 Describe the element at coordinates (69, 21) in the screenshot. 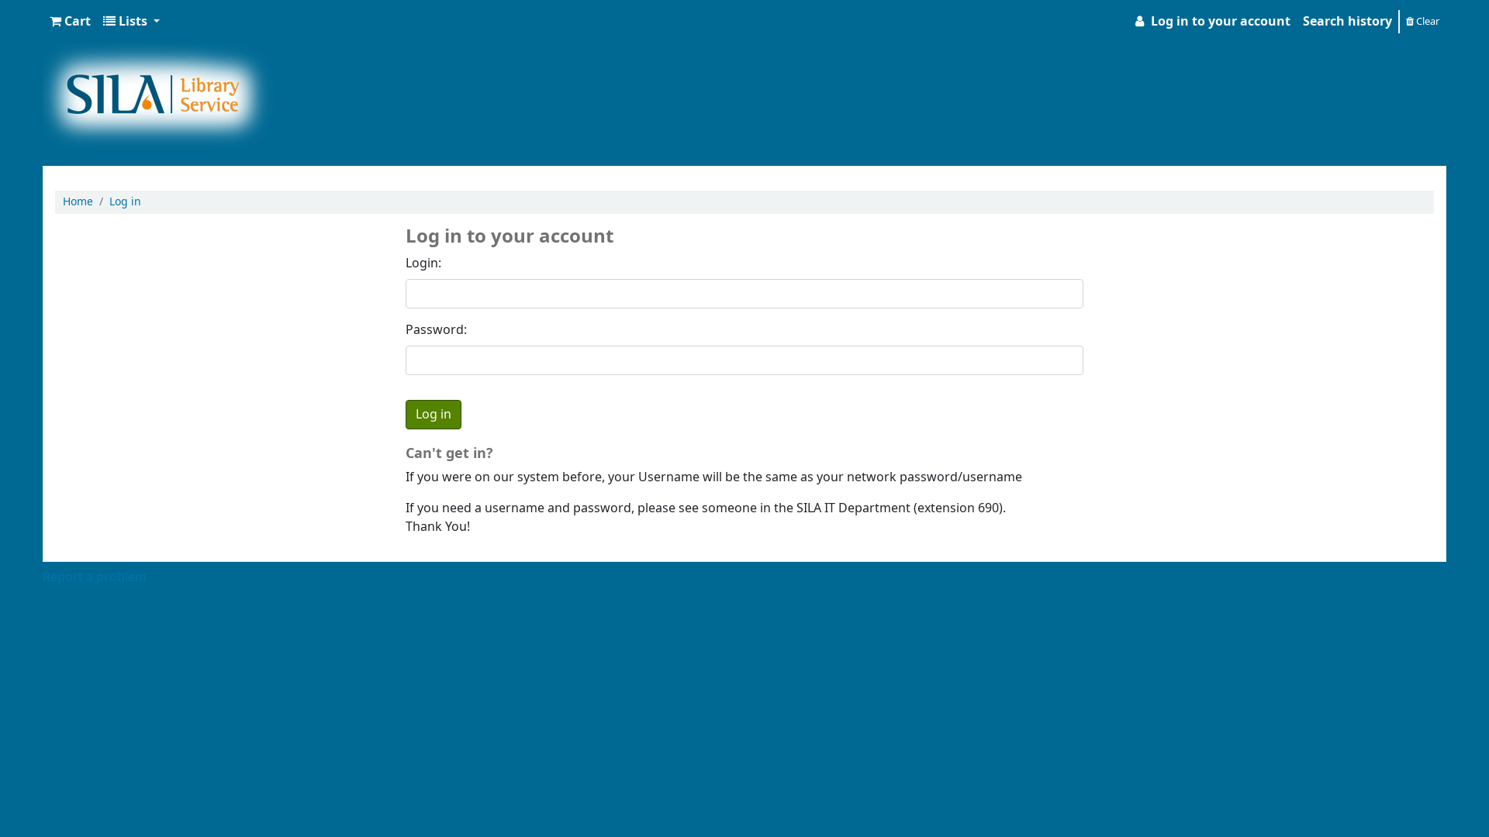

I see `'Cart'` at that location.